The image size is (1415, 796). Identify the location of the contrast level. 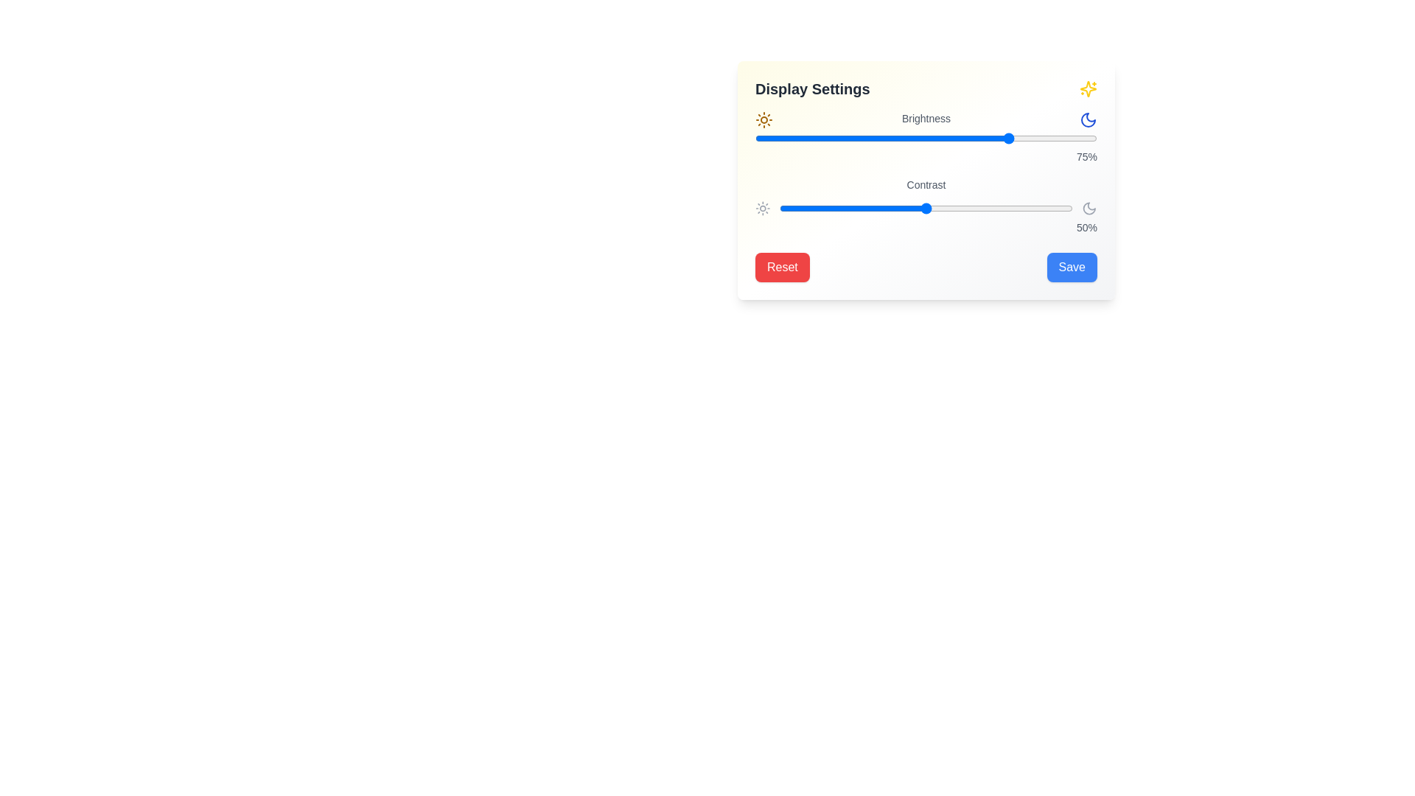
(919, 208).